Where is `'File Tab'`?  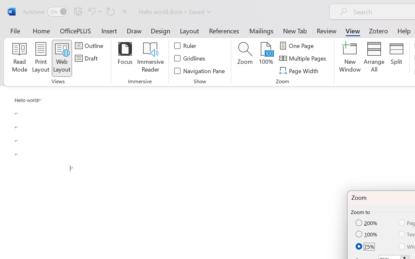
'File Tab' is located at coordinates (15, 30).